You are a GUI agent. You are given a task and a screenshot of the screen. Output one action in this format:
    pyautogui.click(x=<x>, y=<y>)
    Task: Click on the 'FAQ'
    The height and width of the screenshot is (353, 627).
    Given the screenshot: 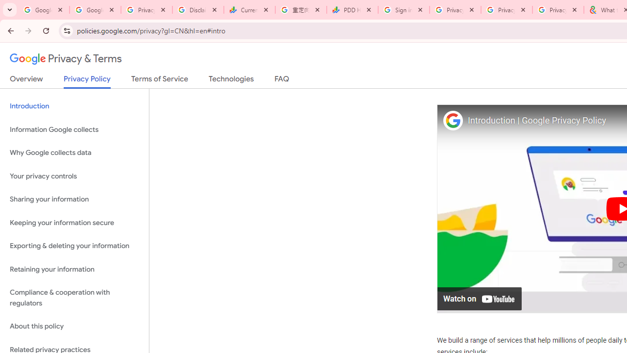 What is the action you would take?
    pyautogui.click(x=282, y=80)
    